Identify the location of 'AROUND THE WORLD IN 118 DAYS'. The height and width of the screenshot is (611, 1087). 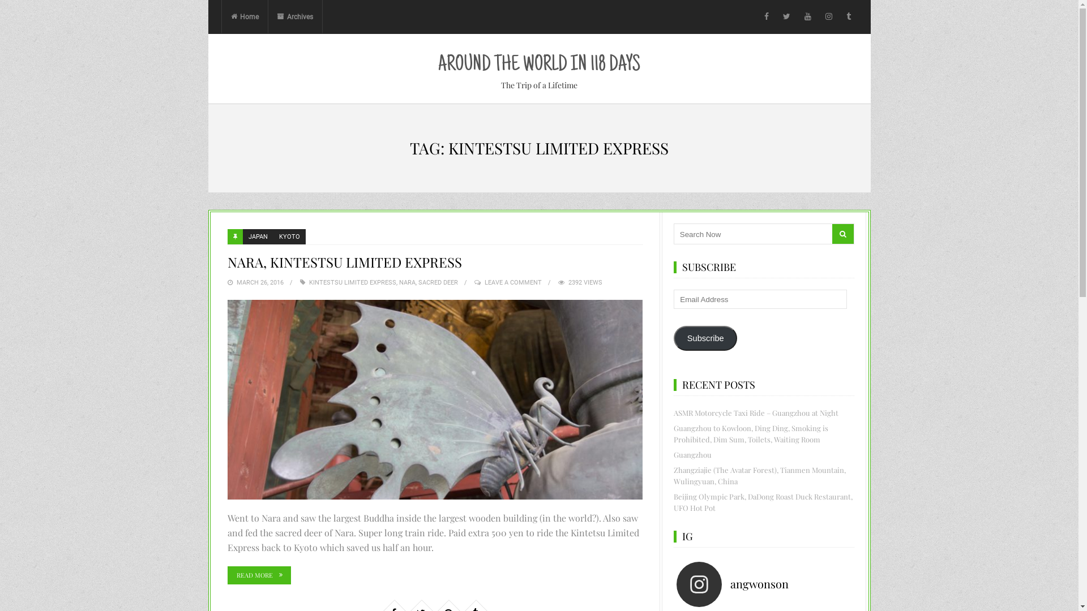
(538, 65).